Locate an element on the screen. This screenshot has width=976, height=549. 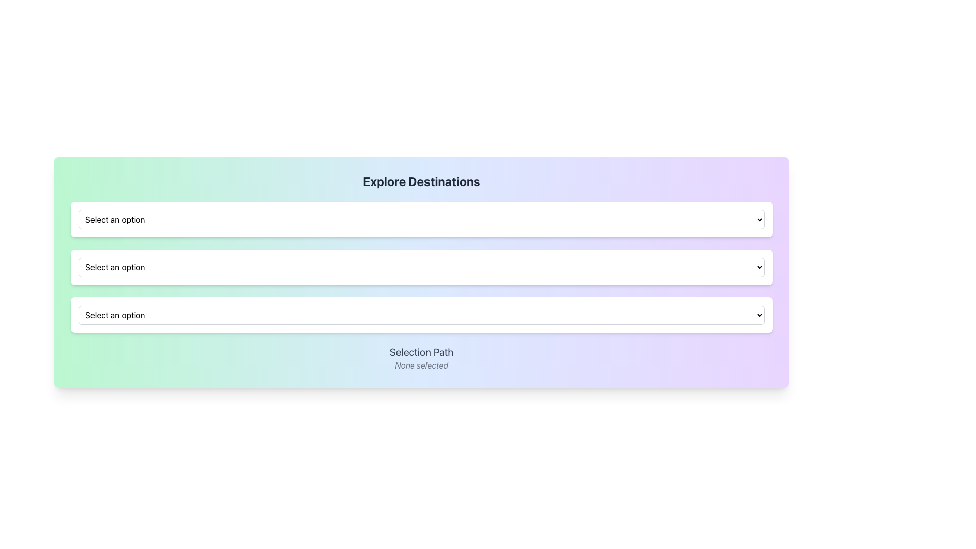
the second dropdown menu in the vertical list under the 'Explore Destinations' section is located at coordinates (421, 266).